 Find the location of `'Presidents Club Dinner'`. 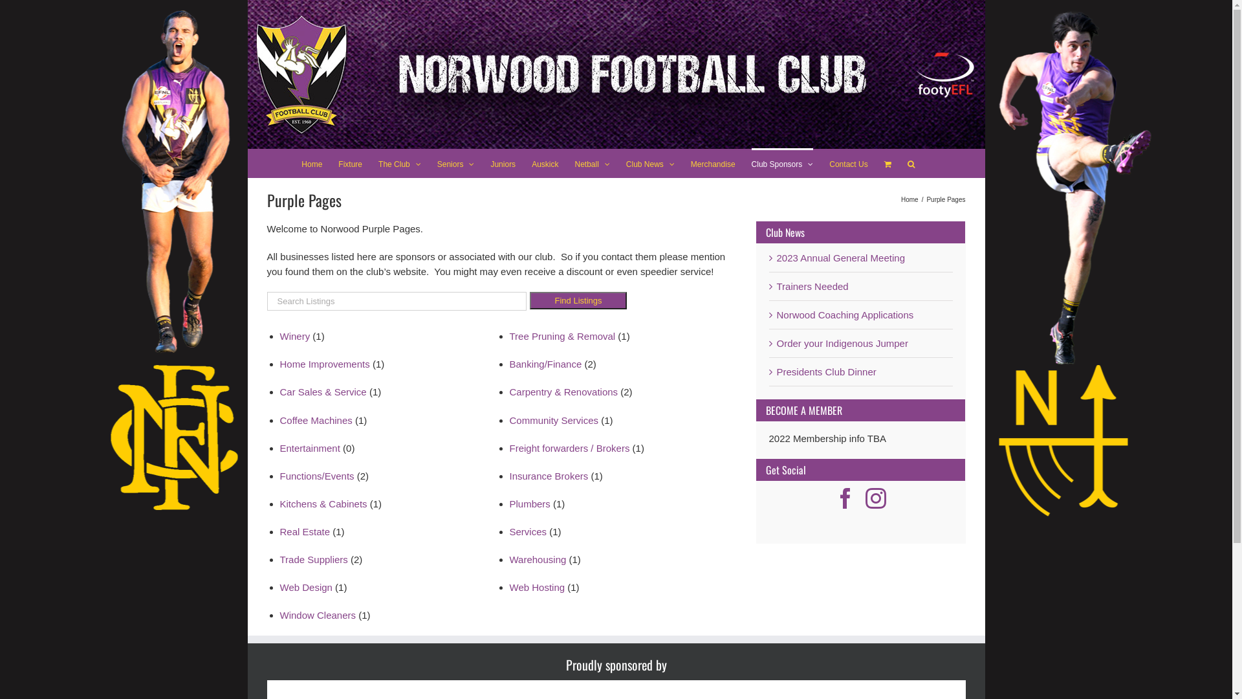

'Presidents Club Dinner' is located at coordinates (825, 372).